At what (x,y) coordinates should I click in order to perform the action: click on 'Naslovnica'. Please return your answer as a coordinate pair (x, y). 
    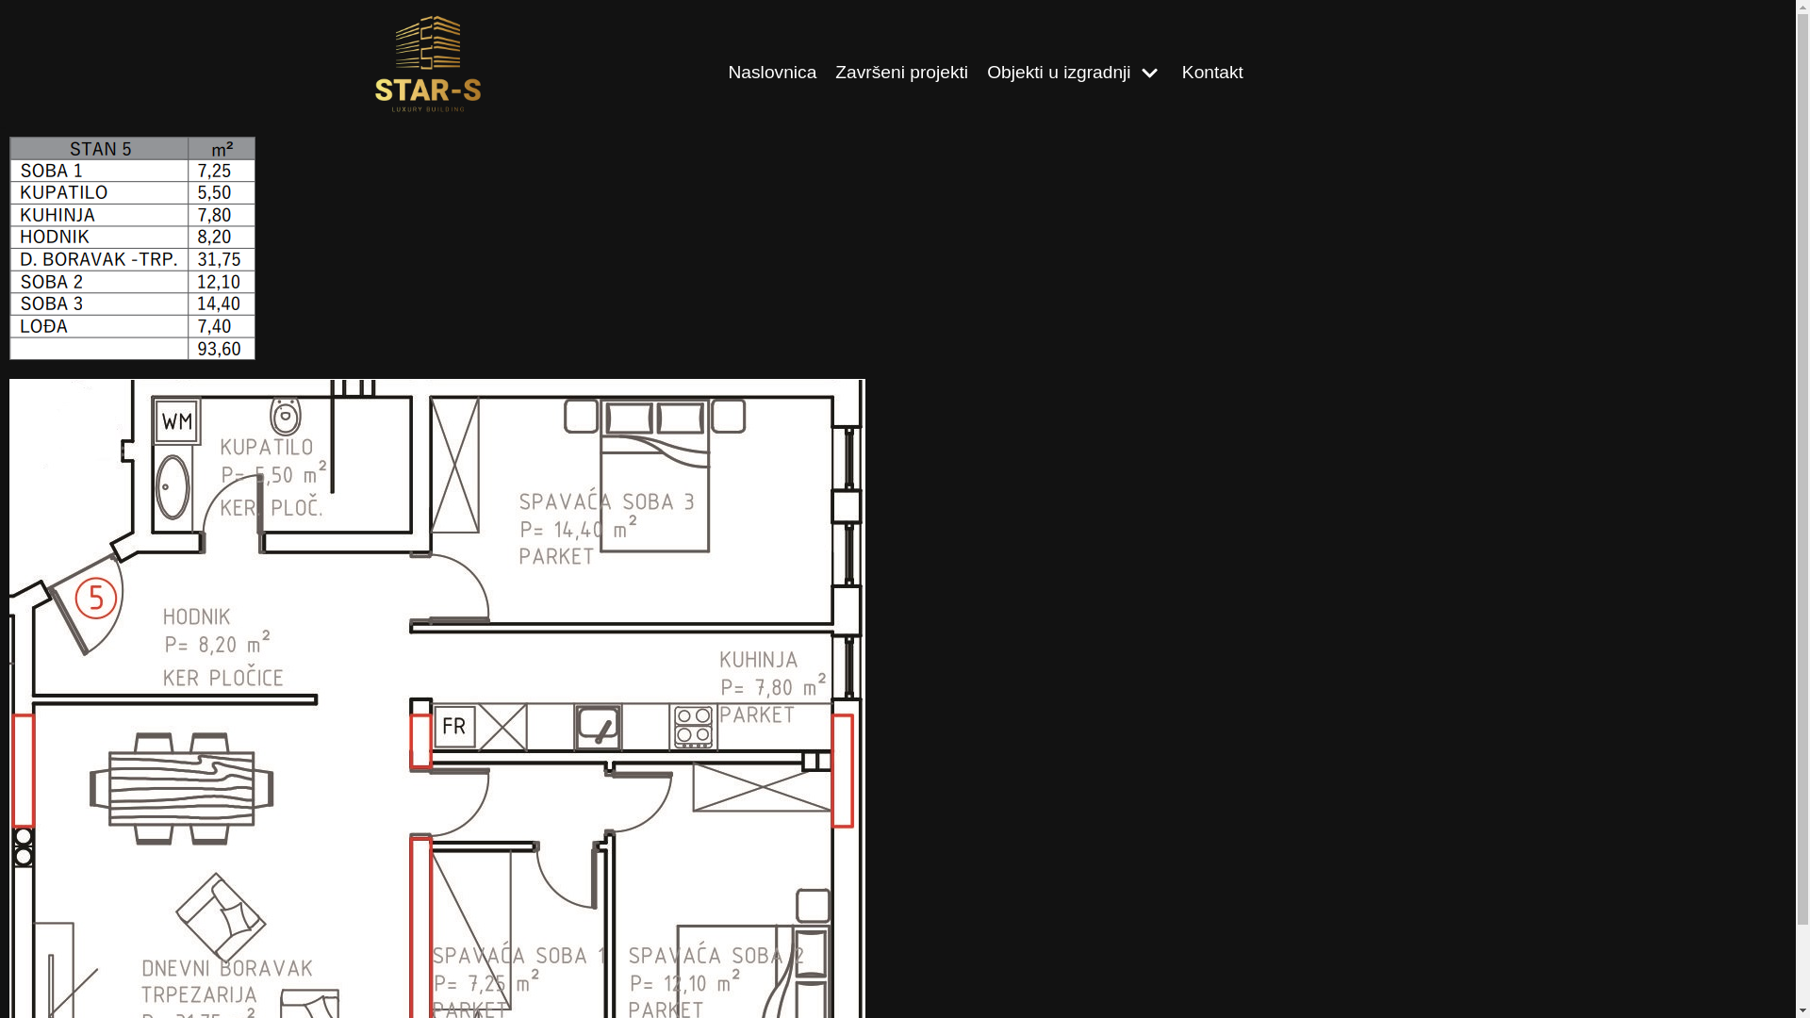
    Looking at the image, I should click on (772, 72).